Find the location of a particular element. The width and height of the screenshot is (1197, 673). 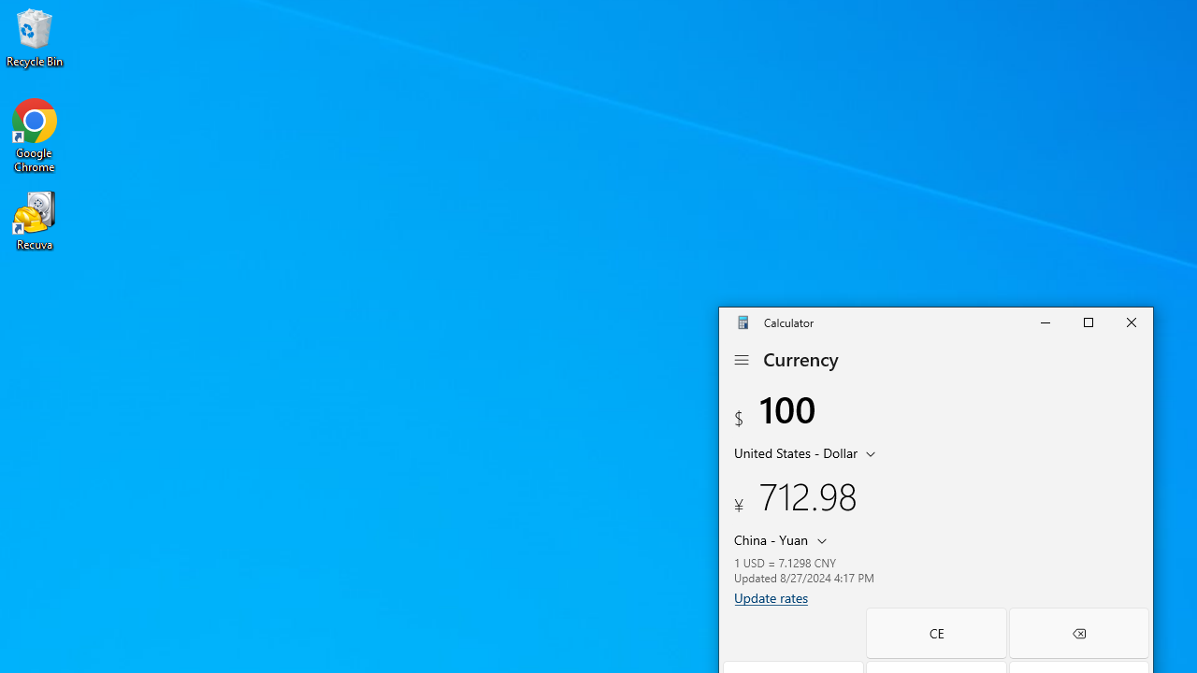

'Open Navigation' is located at coordinates (740, 360).